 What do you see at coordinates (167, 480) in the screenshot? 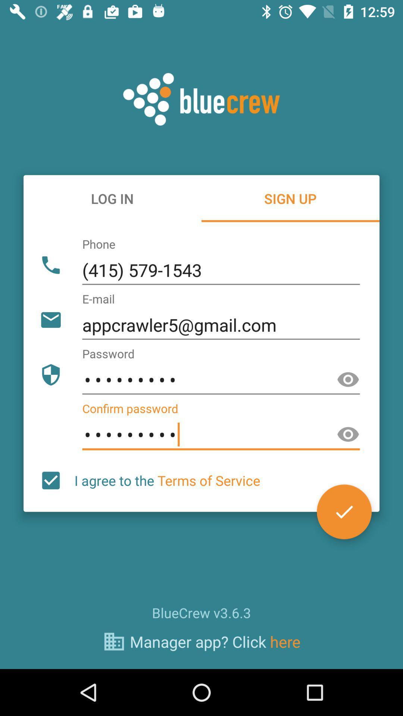
I see `i agree to icon` at bounding box center [167, 480].